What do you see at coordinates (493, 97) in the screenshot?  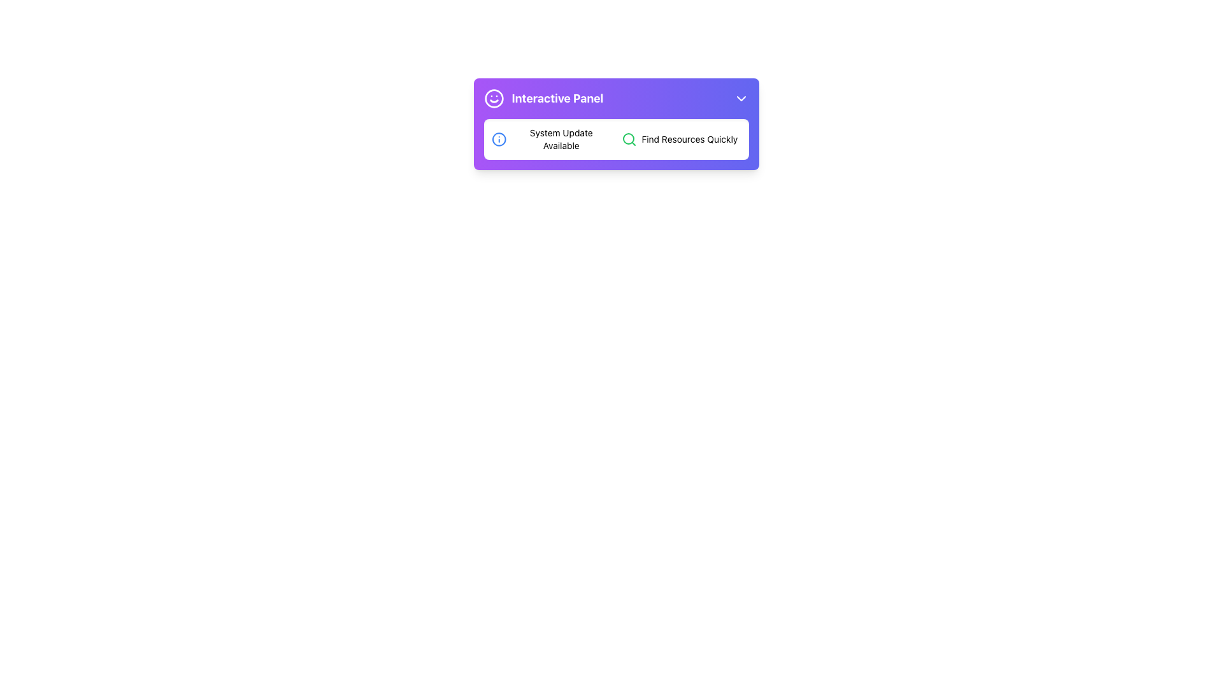 I see `the design of the circular purple smiley face icon located in the top left section of the header labeled 'Interactive Panel'` at bounding box center [493, 97].